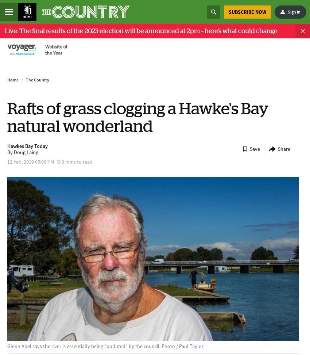  What do you see at coordinates (247, 11) in the screenshot?
I see `'Subscribe now'` at bounding box center [247, 11].